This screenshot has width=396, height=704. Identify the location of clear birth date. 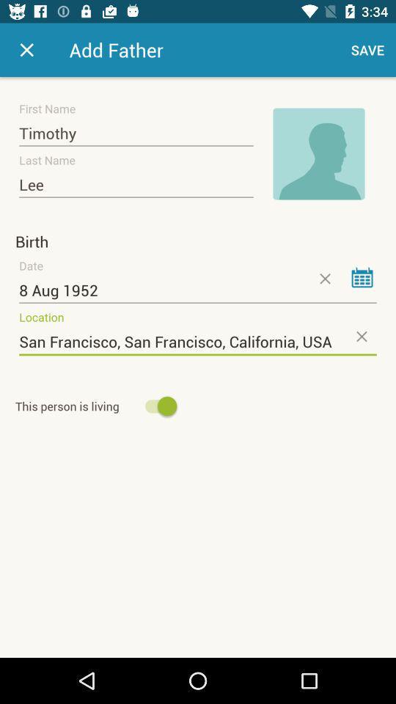
(324, 278).